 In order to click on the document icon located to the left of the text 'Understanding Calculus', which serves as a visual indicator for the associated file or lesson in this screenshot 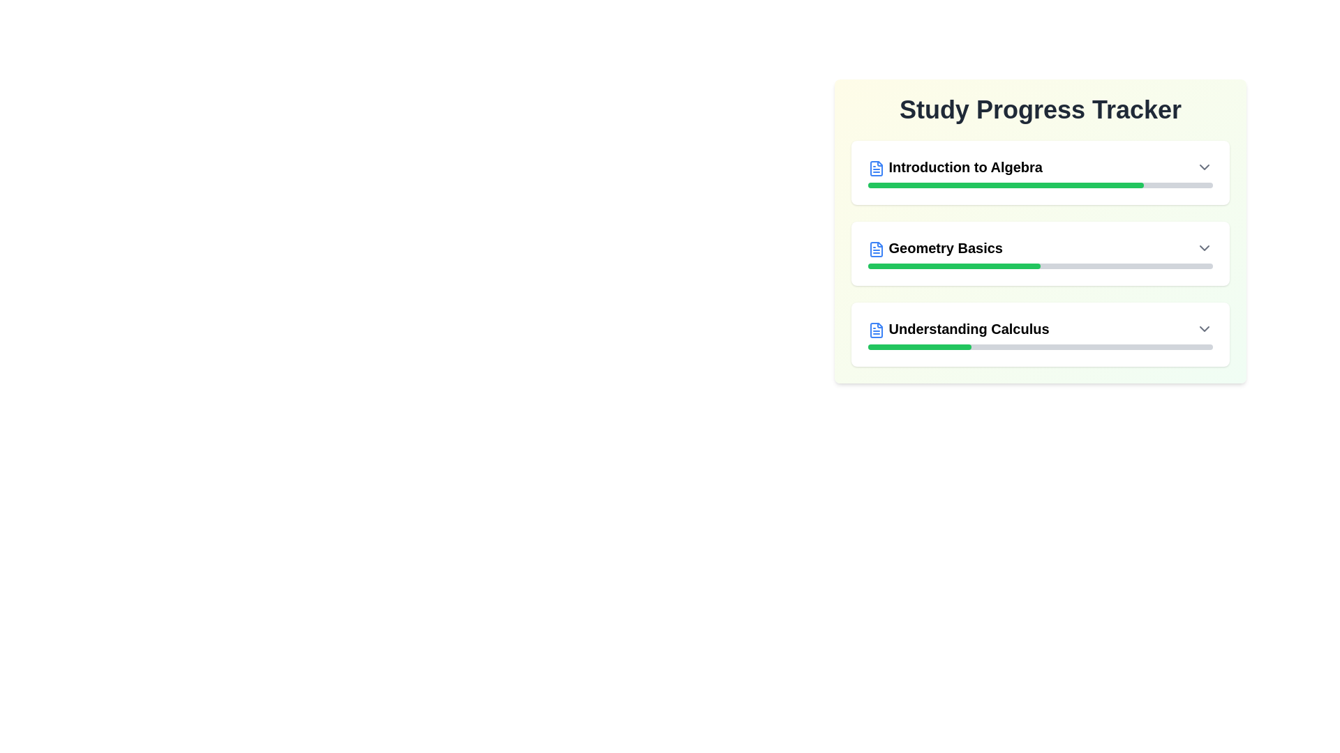, I will do `click(876, 330)`.